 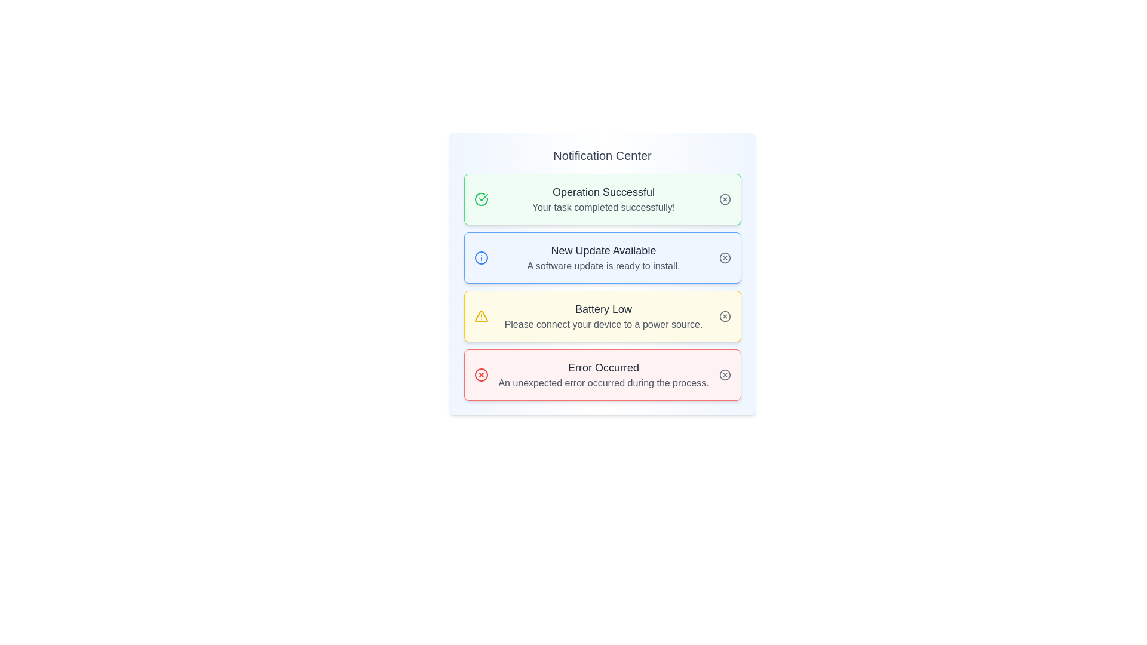 What do you see at coordinates (481, 315) in the screenshot?
I see `the warning alert icon indicating 'Battery Low' within the notification card, which is the third notification in the vertical list` at bounding box center [481, 315].